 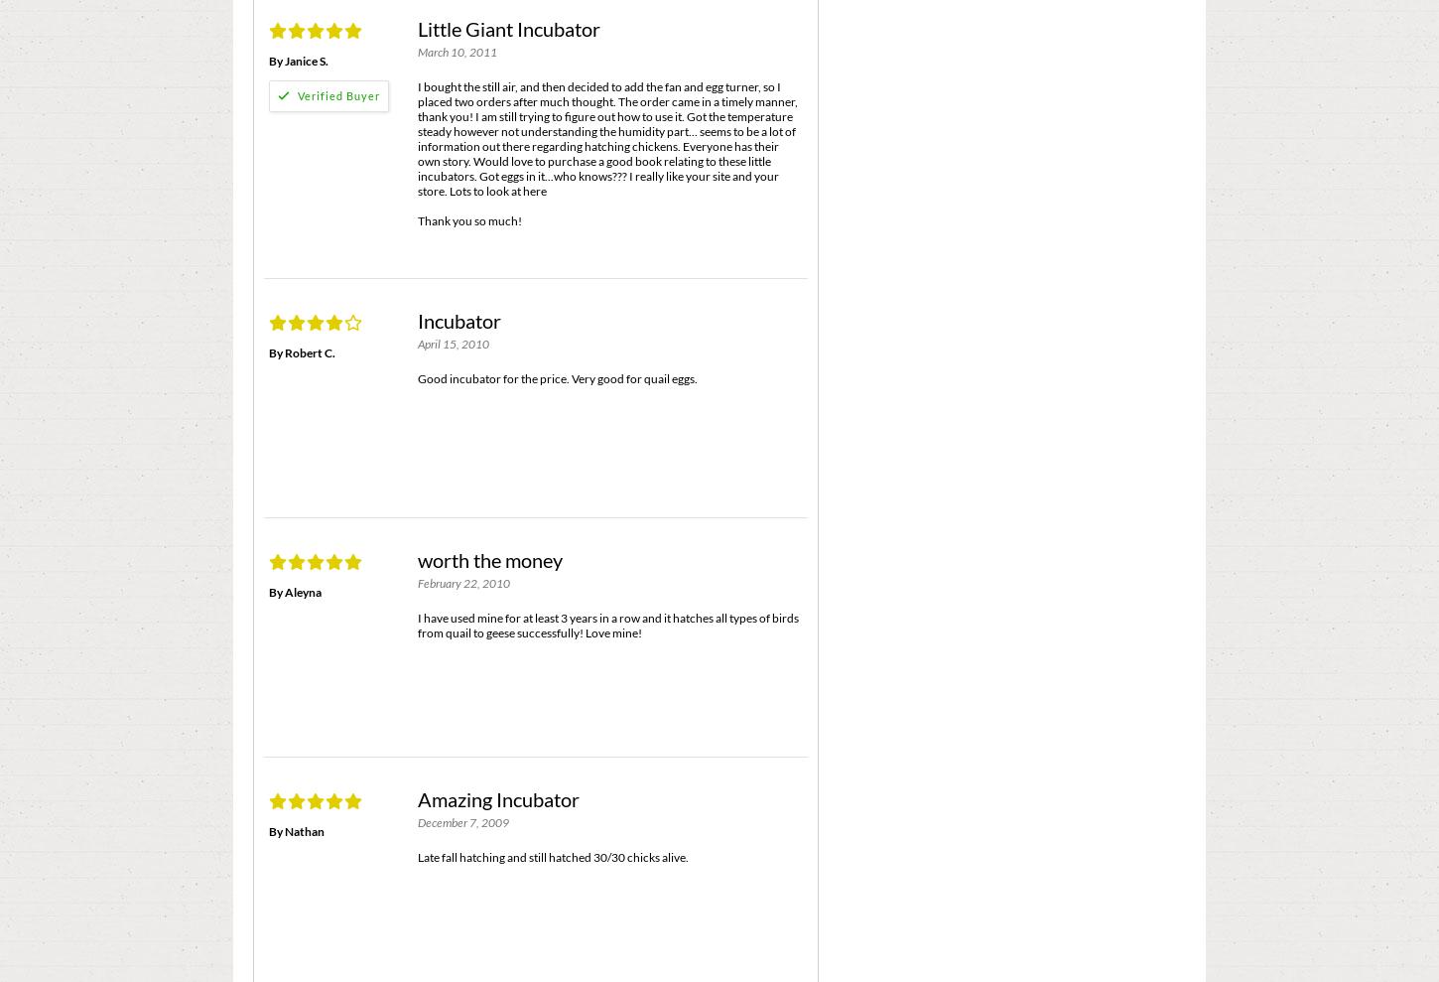 I want to click on 'By Robert C.', so click(x=302, y=351).